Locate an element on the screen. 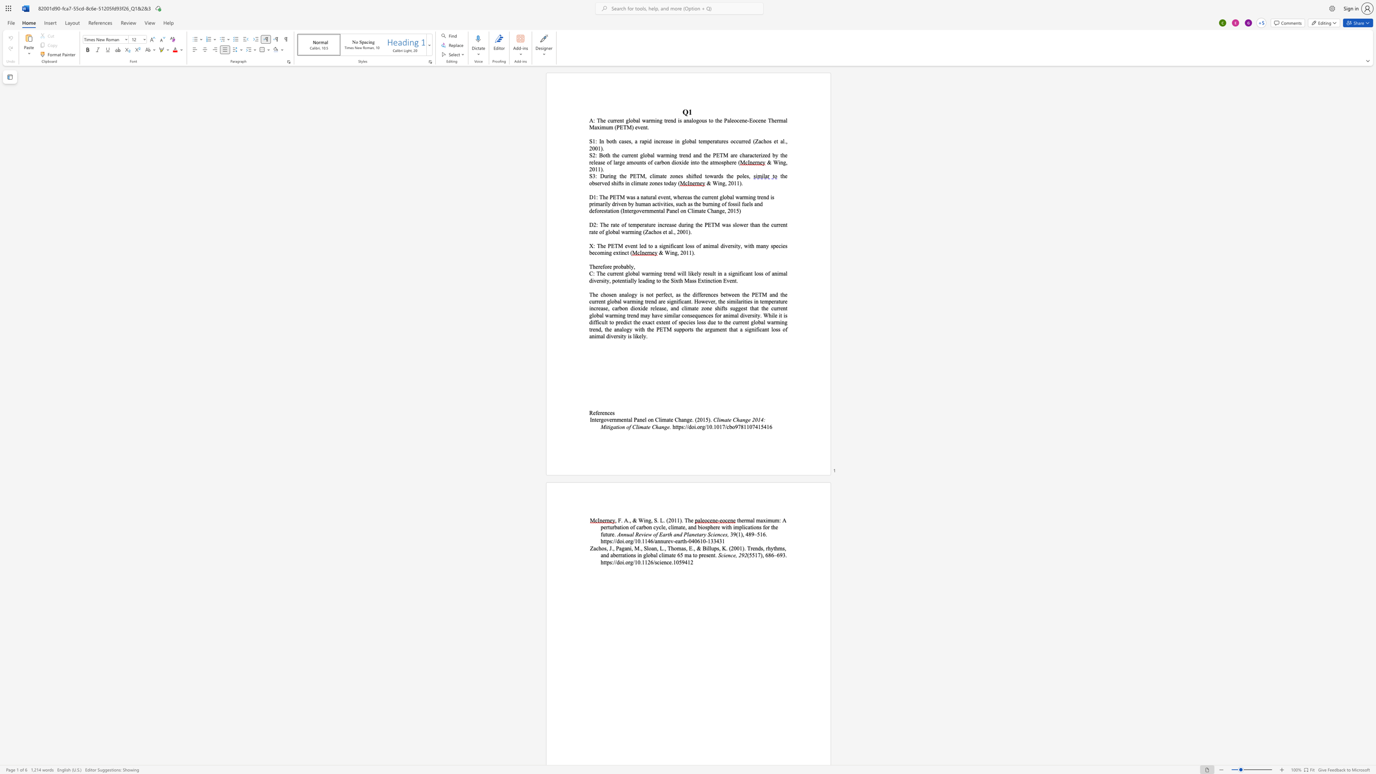  the 1th character "f" in the text is located at coordinates (596, 412).